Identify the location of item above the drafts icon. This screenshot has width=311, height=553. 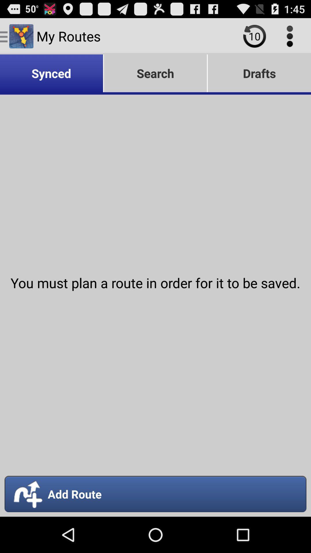
(290, 36).